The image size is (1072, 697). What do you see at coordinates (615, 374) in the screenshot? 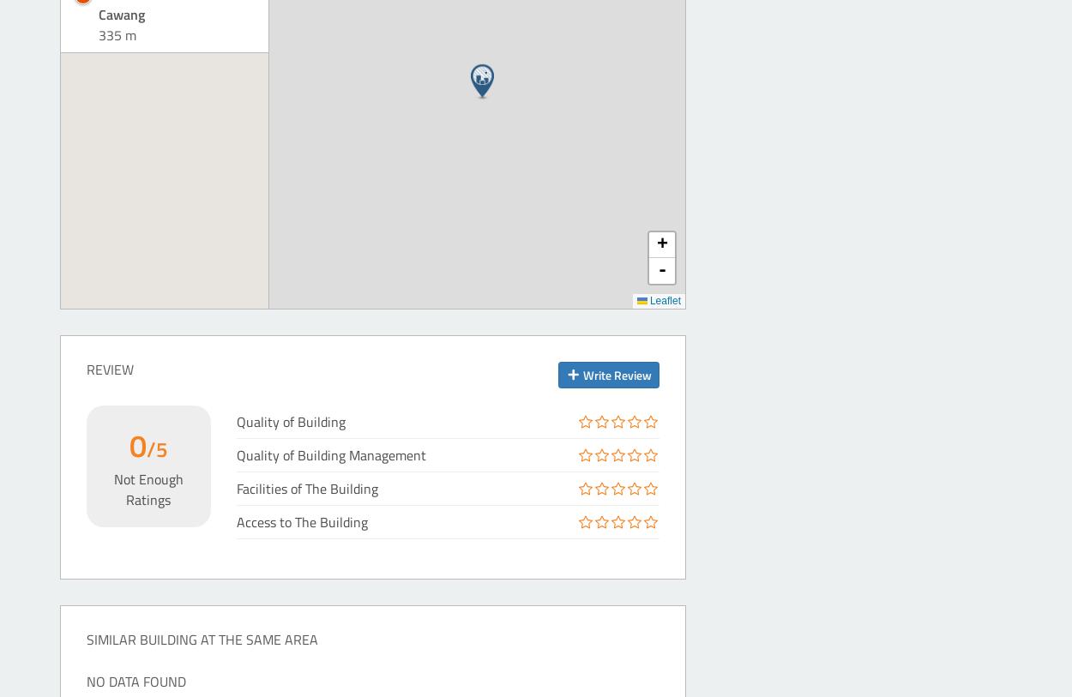
I see `'Write Review'` at bounding box center [615, 374].